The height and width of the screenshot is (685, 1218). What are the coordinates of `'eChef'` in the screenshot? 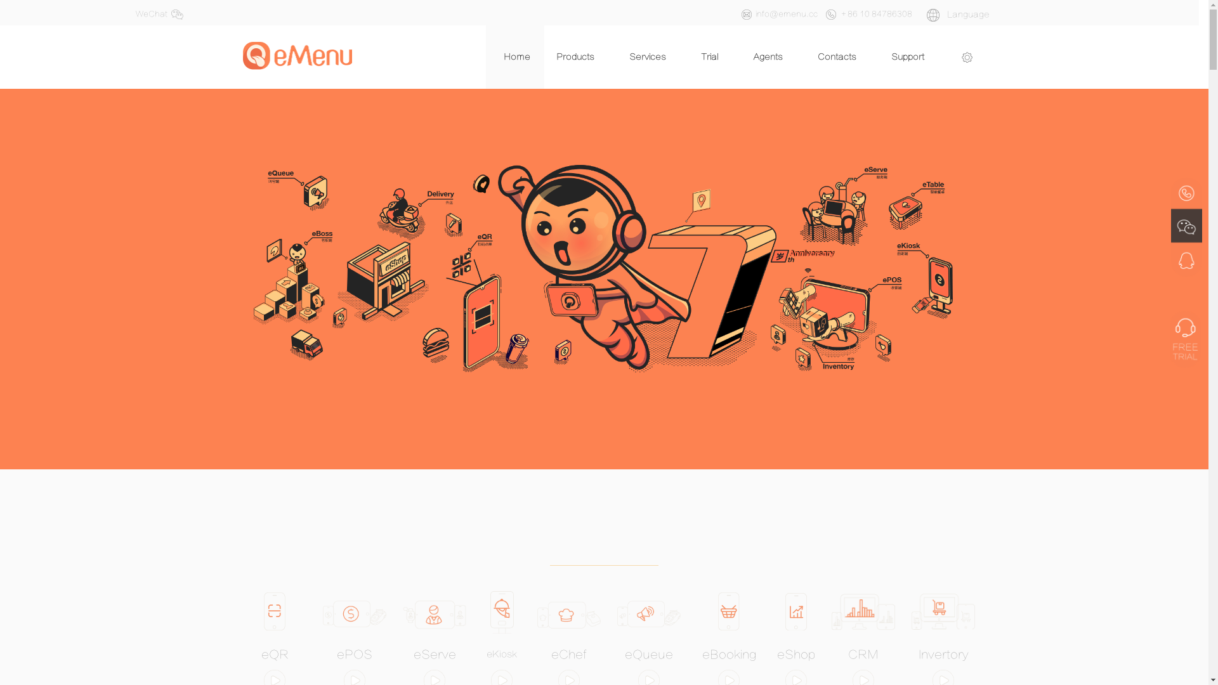 It's located at (568, 653).